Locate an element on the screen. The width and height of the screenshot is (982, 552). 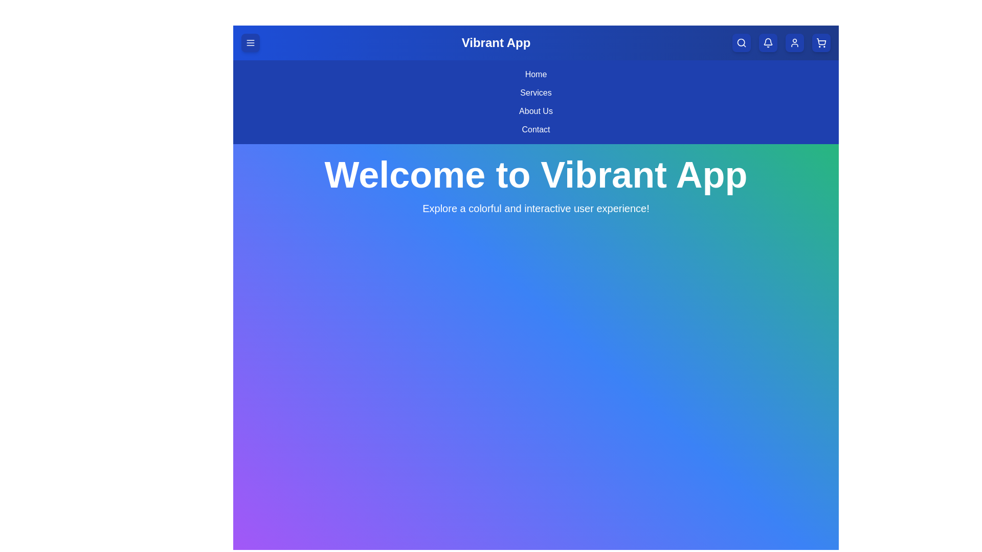
the title text 'Vibrant App' to select it is located at coordinates (496, 42).